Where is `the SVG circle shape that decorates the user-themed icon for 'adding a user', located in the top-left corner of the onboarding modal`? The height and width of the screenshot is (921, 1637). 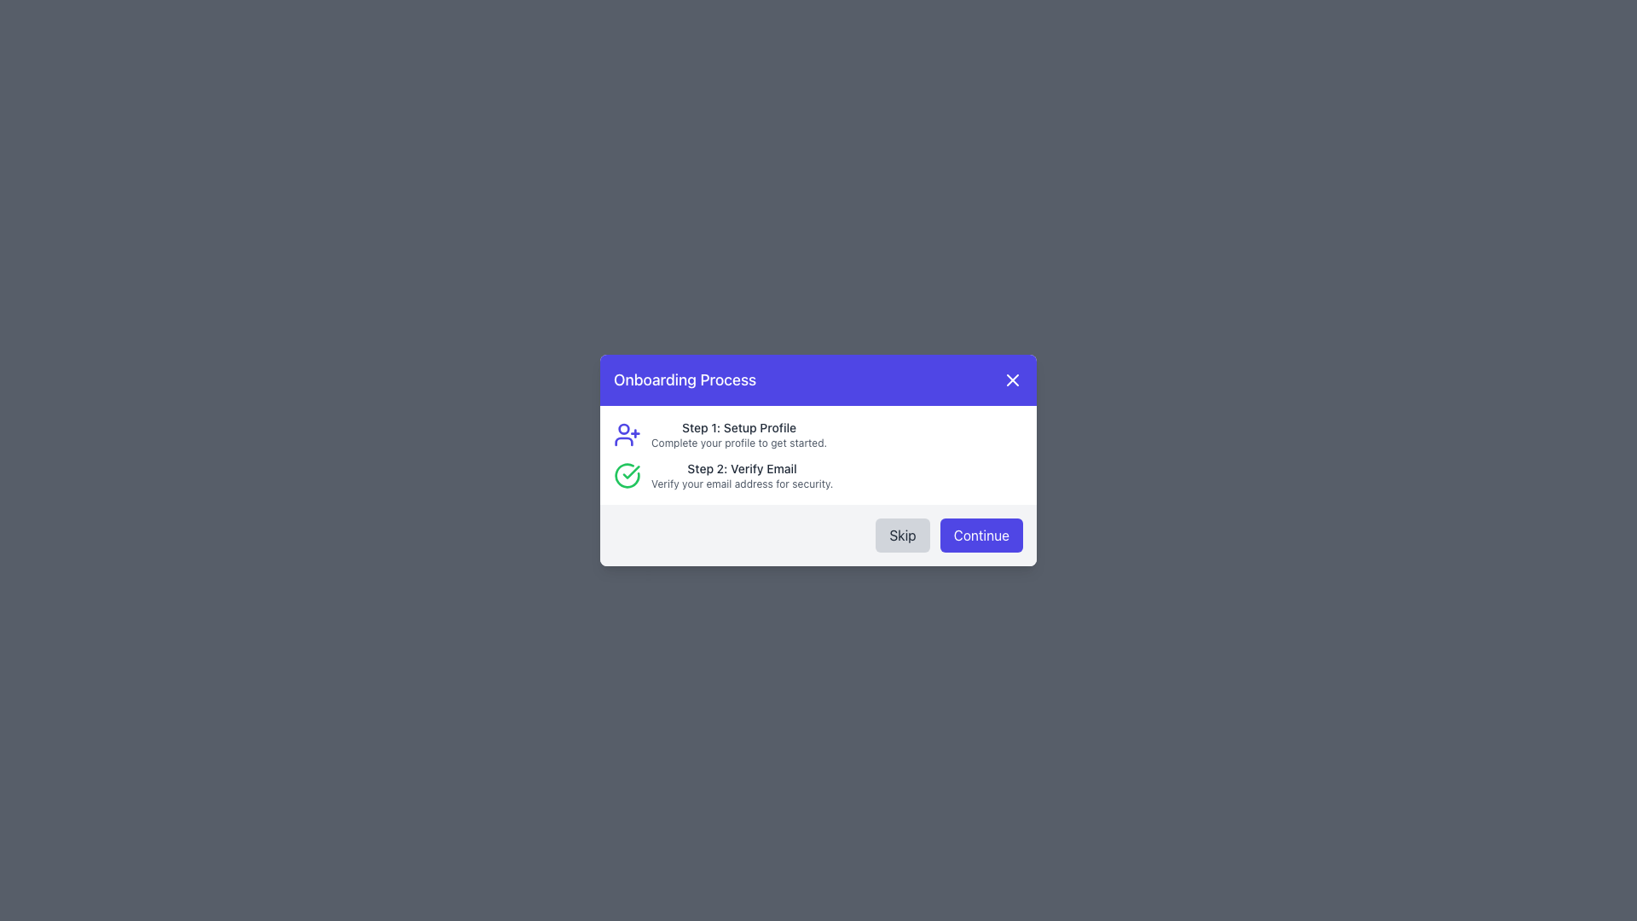 the SVG circle shape that decorates the user-themed icon for 'adding a user', located in the top-left corner of the onboarding modal is located at coordinates (622, 427).